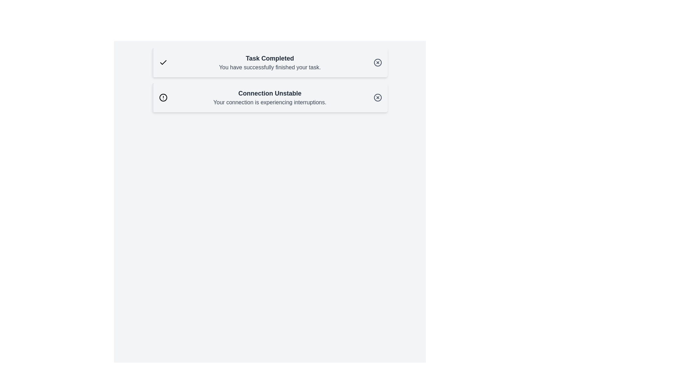 This screenshot has width=673, height=378. What do you see at coordinates (163, 62) in the screenshot?
I see `the 'Task Completed' icon located on the left side of the notification box` at bounding box center [163, 62].